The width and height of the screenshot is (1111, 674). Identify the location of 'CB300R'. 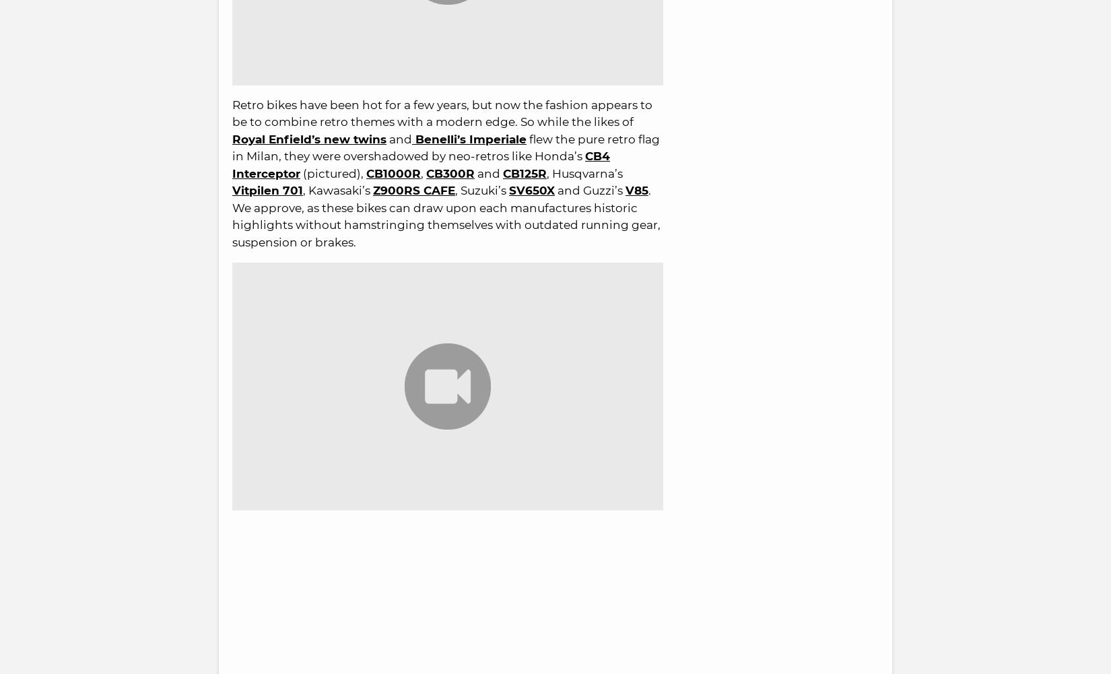
(450, 172).